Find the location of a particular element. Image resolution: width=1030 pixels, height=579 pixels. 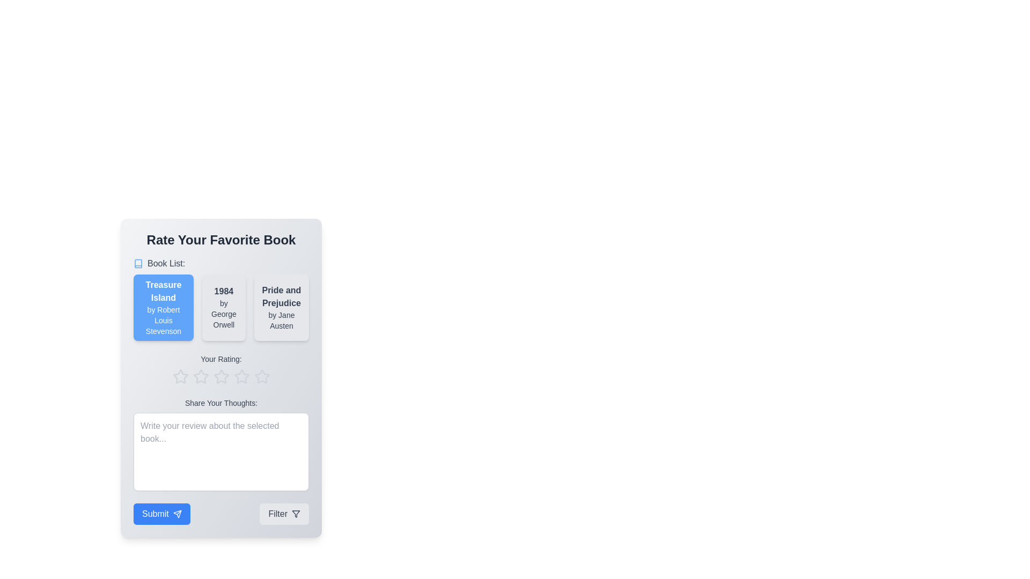

the text label displaying 'by Jane Austen', which is located below the title 'Pride and Prejudice' in the book list interface is located at coordinates (281, 320).